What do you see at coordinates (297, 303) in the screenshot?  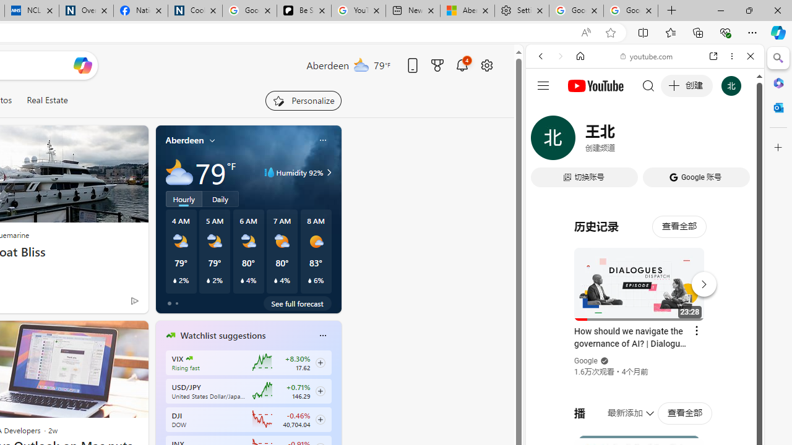 I see `'See full forecast'` at bounding box center [297, 303].